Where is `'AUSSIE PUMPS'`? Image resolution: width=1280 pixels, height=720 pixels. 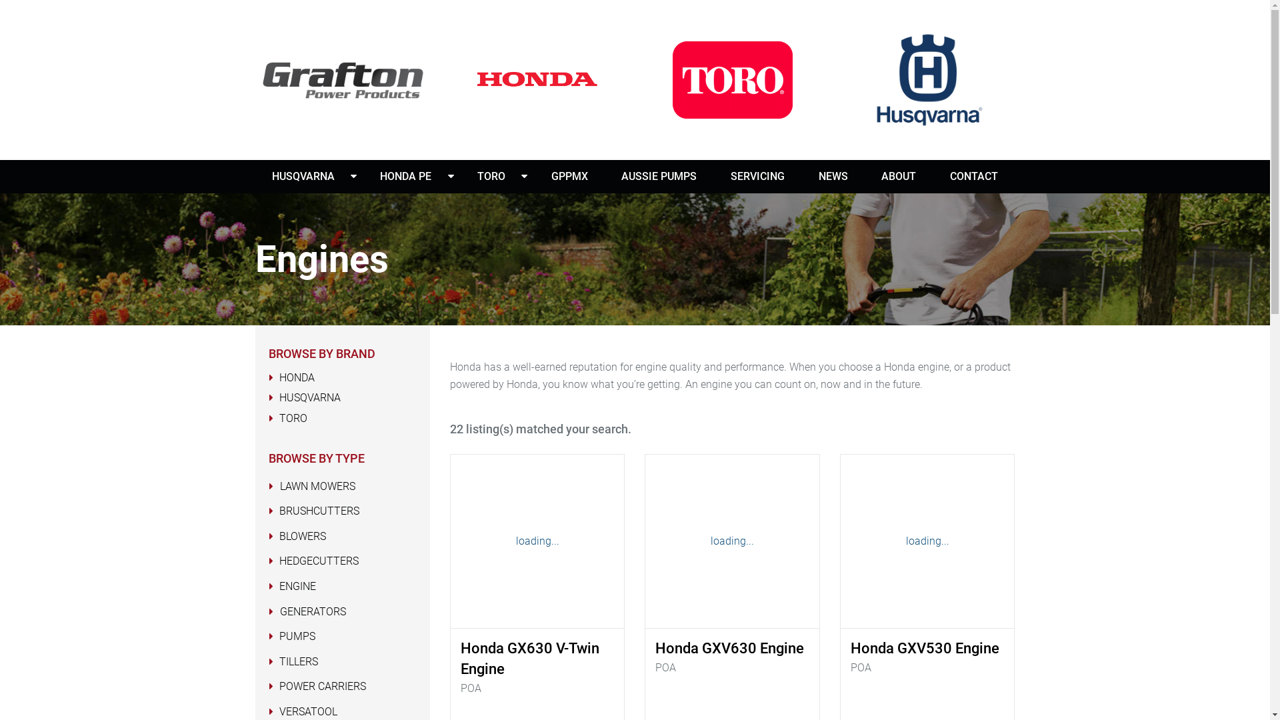 'AUSSIE PUMPS' is located at coordinates (659, 176).